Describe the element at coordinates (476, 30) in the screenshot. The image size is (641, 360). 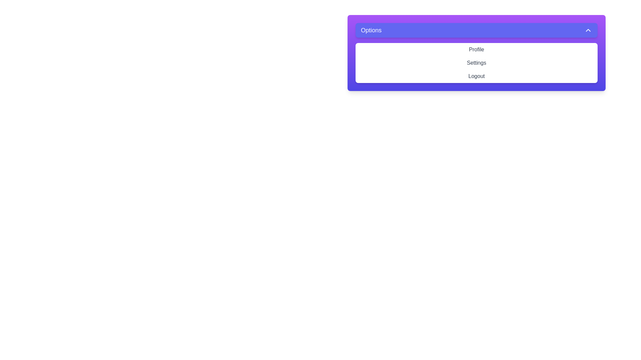
I see `the toggle button to toggle the dropdown menu` at that location.